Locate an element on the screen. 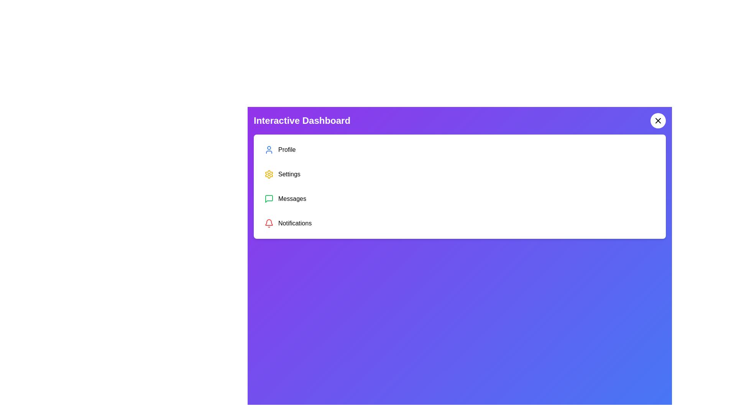 This screenshot has height=414, width=736. the 'Profile' text label displayed in black font, located next to a blue user icon in the top-left section of the list area is located at coordinates (286, 149).